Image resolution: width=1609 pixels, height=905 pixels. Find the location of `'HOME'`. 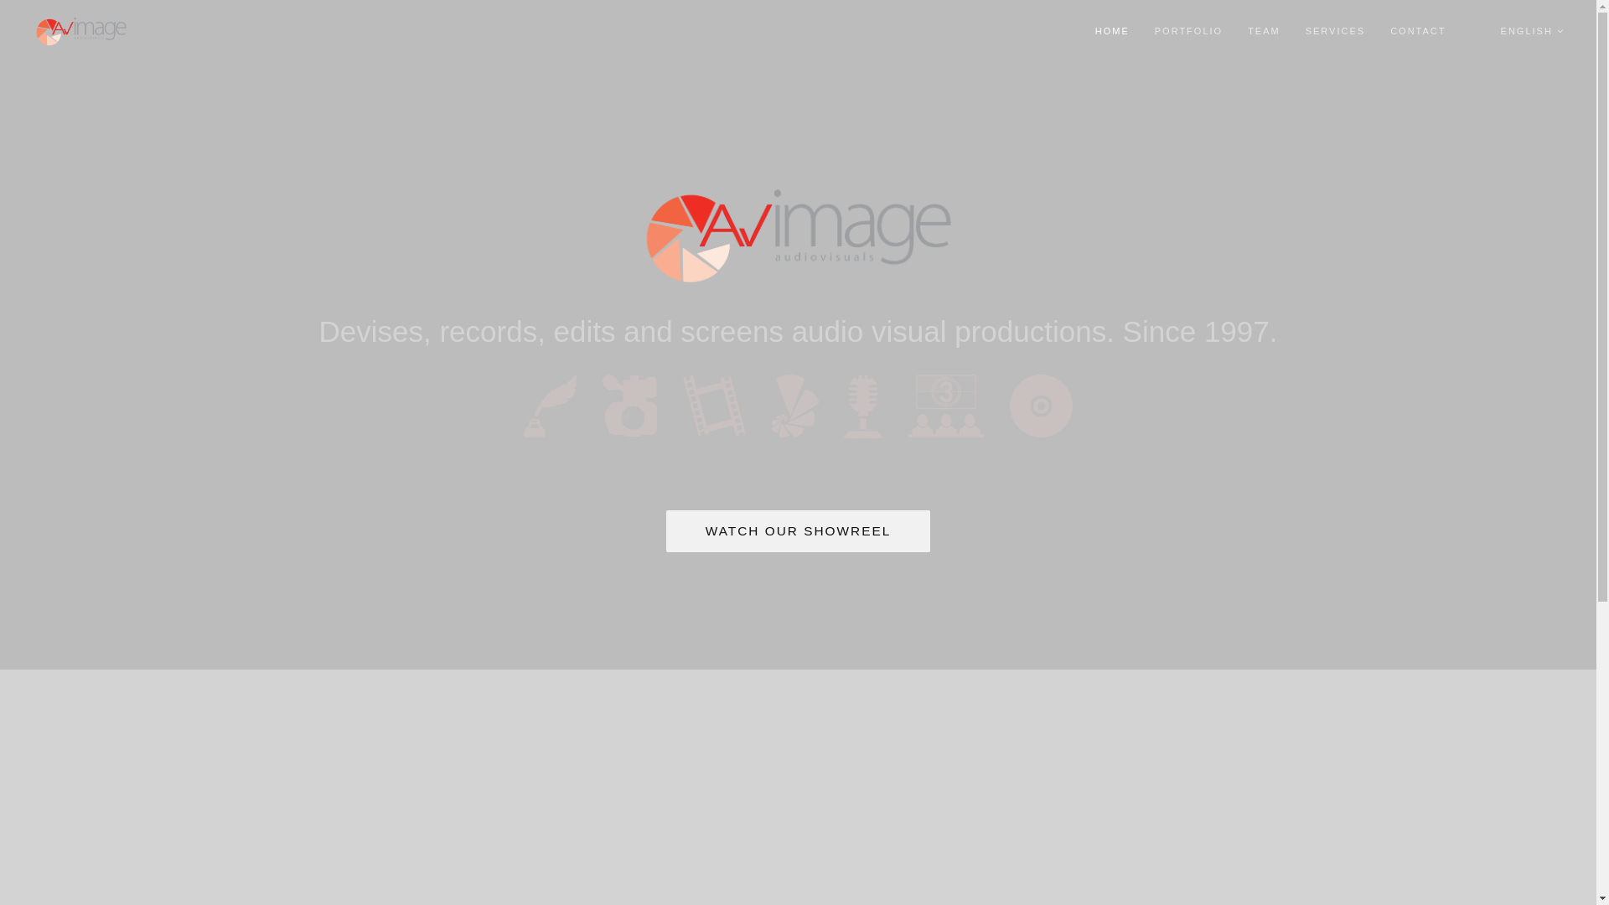

'HOME' is located at coordinates (1094, 31).